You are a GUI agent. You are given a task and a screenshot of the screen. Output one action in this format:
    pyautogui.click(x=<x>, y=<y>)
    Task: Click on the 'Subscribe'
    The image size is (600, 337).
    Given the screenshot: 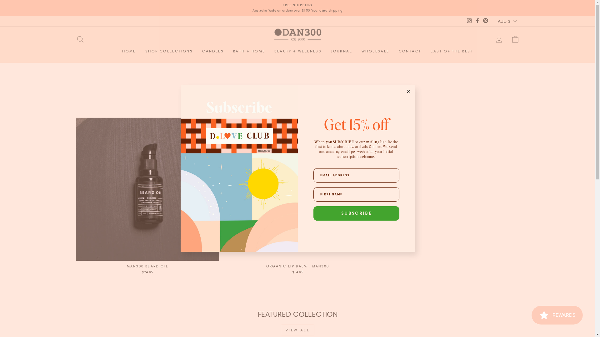 What is the action you would take?
    pyautogui.click(x=356, y=213)
    